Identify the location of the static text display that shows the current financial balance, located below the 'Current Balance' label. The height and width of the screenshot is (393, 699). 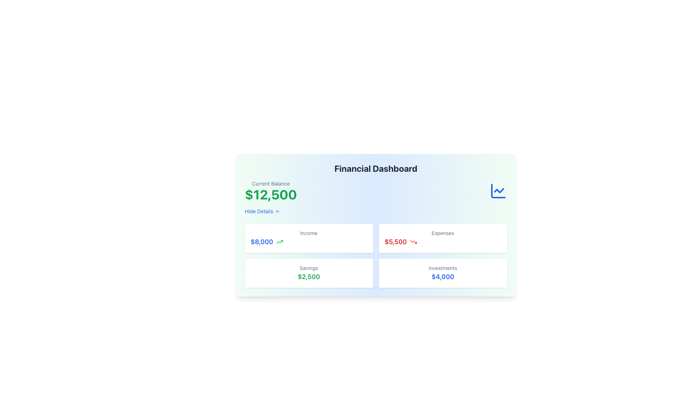
(270, 194).